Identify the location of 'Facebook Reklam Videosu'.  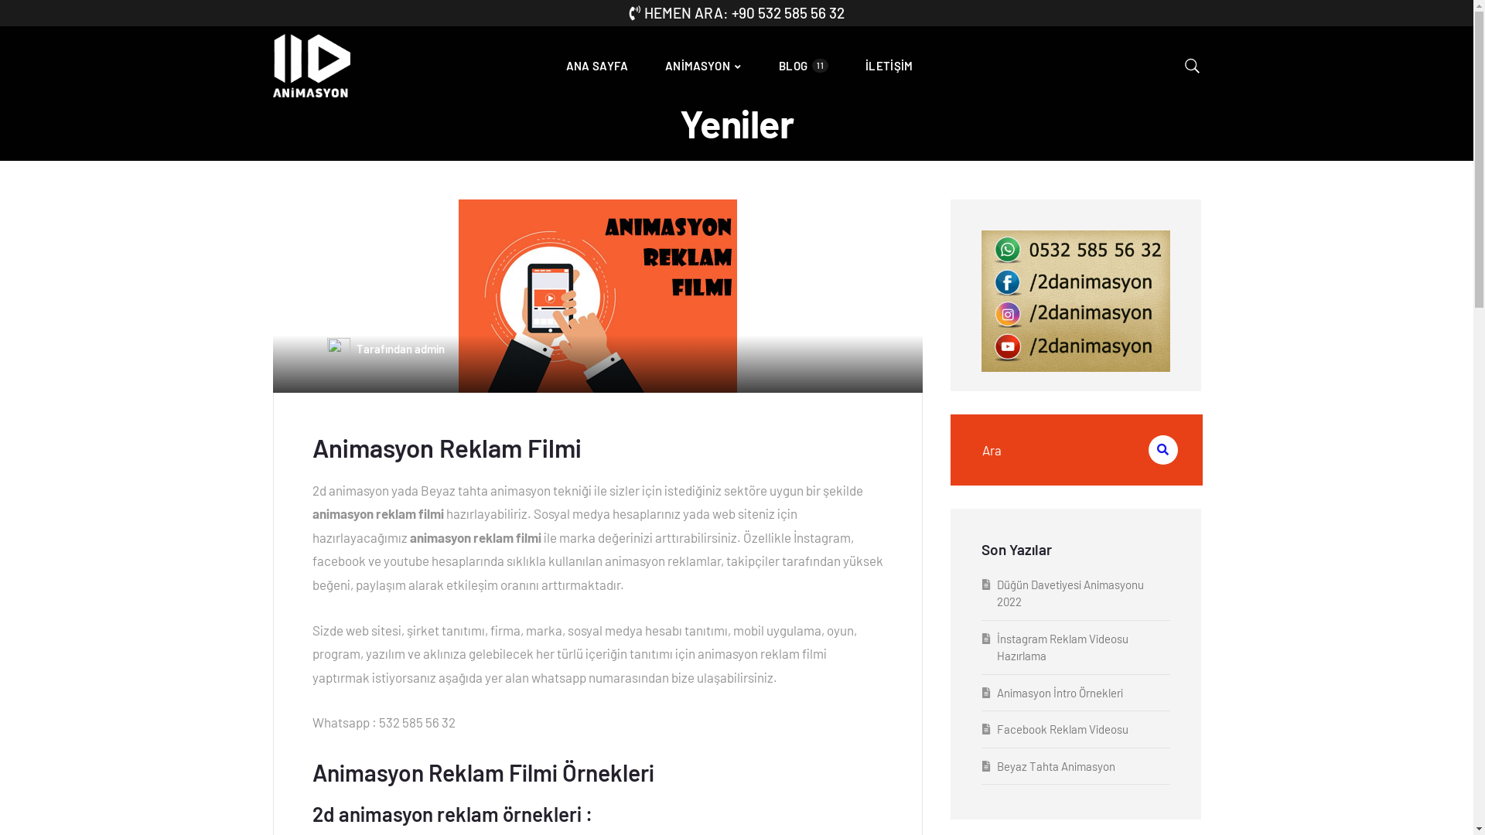
(1060, 728).